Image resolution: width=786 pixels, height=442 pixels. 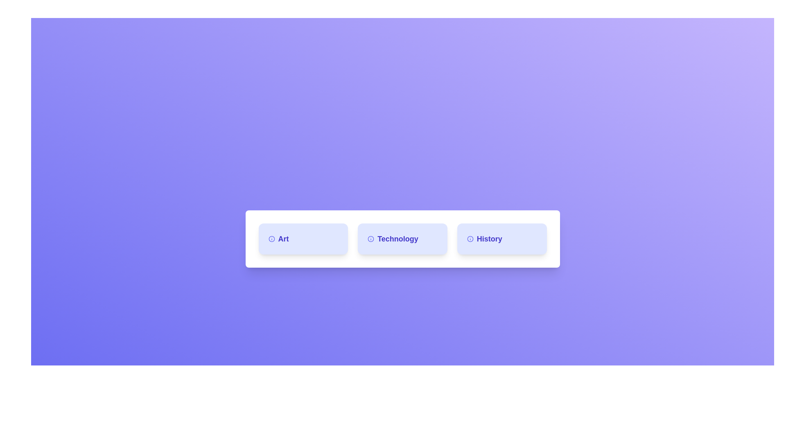 I want to click on text label that represents the 'Technology' category, which is centrally located between the 'Art' and 'History' buttons, so click(x=402, y=239).